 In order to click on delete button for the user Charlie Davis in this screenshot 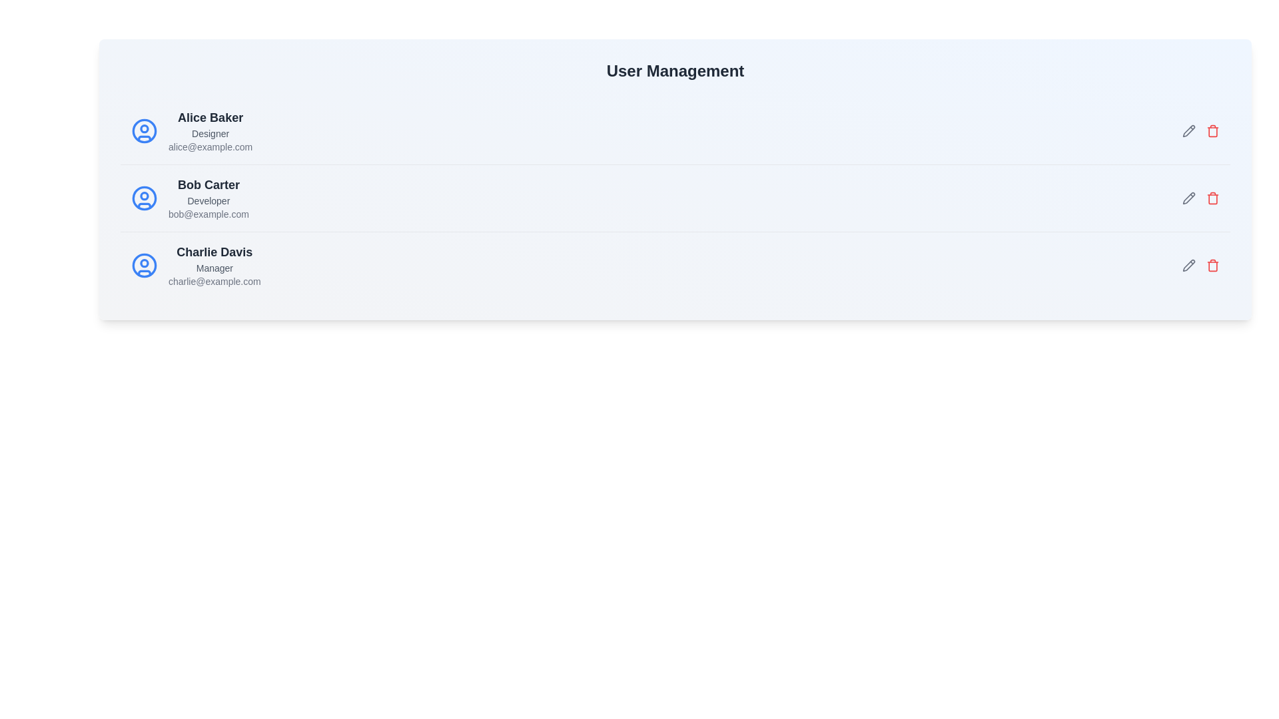, I will do `click(1212, 265)`.